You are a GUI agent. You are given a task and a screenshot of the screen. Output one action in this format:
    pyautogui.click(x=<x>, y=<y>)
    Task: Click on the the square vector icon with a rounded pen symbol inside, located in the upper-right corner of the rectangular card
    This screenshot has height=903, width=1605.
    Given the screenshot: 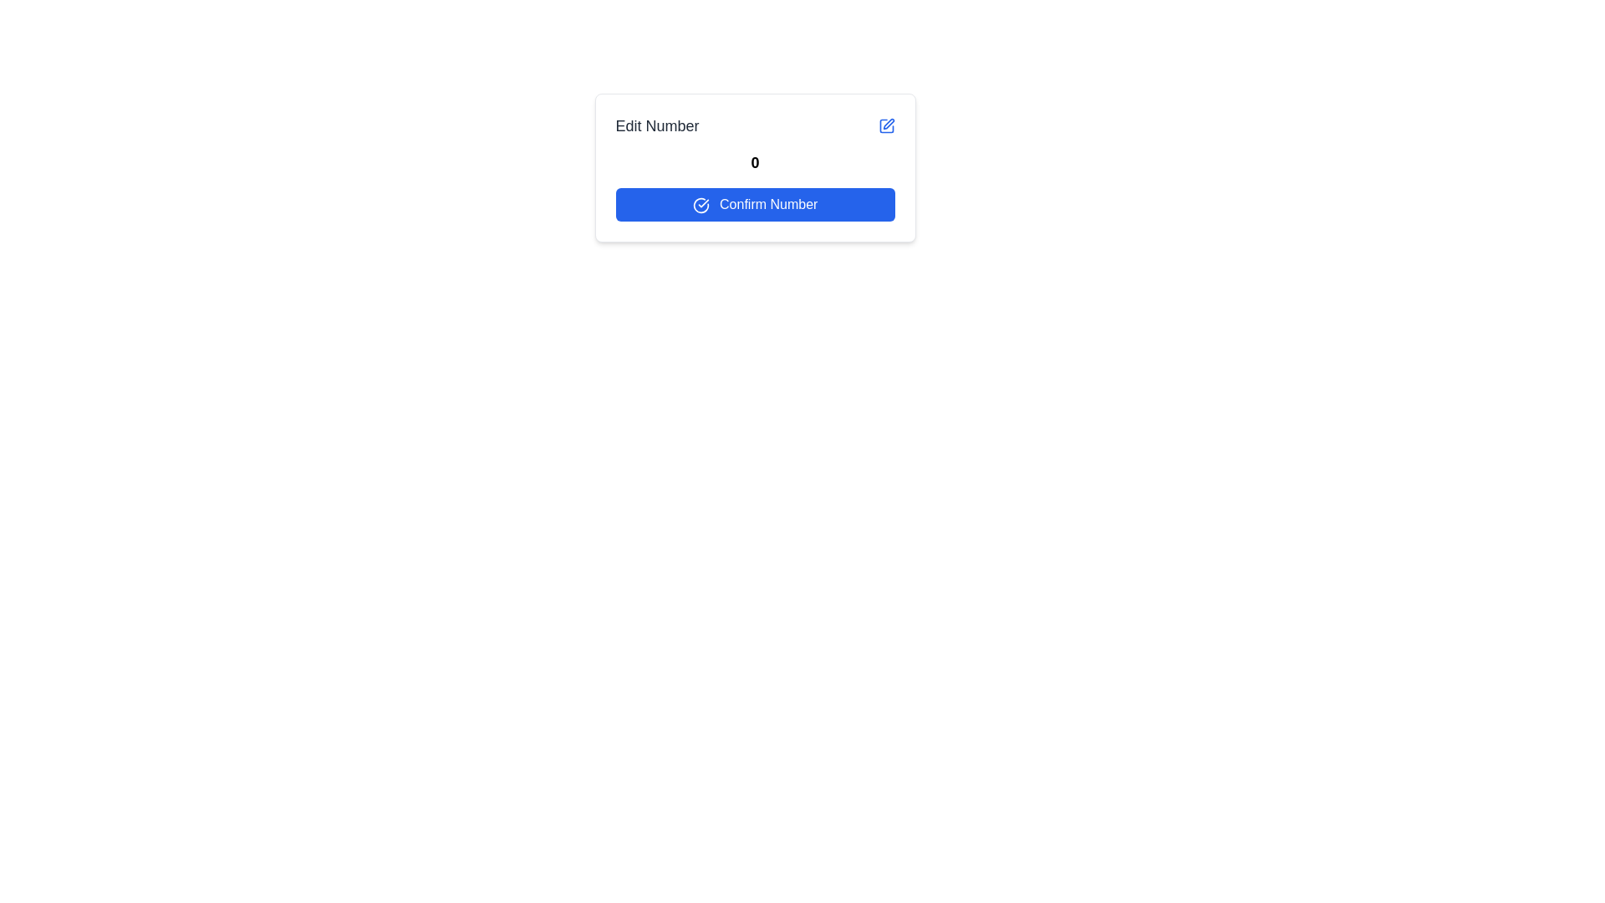 What is the action you would take?
    pyautogui.click(x=885, y=125)
    